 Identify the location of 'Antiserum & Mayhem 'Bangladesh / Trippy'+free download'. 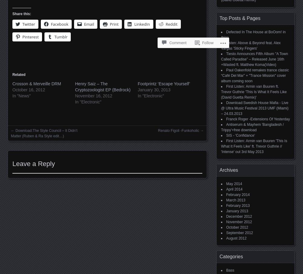
(252, 127).